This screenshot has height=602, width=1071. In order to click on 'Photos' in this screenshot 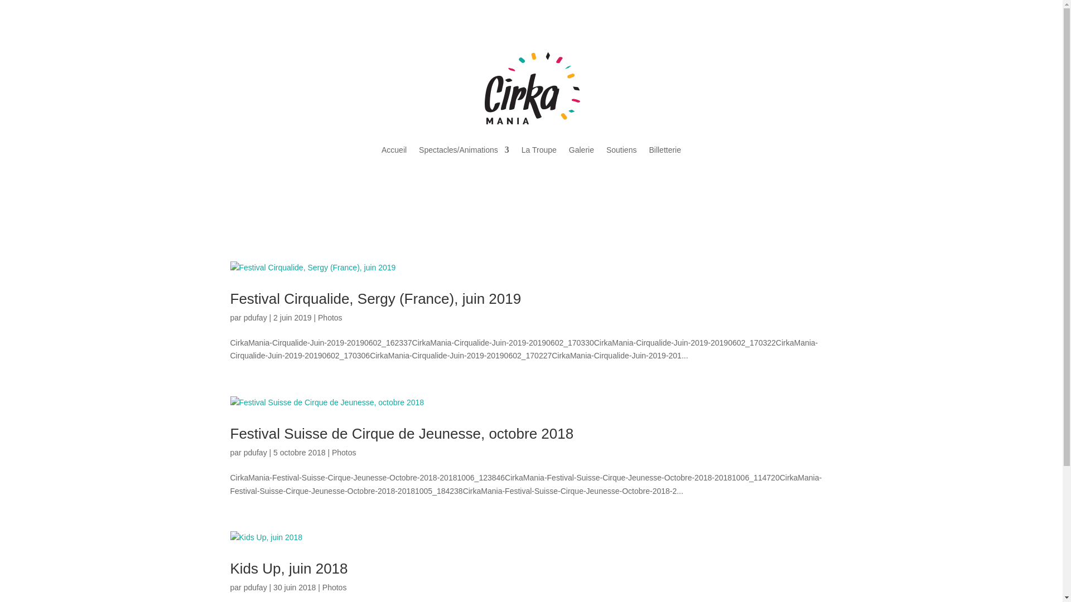, I will do `click(334, 586)`.